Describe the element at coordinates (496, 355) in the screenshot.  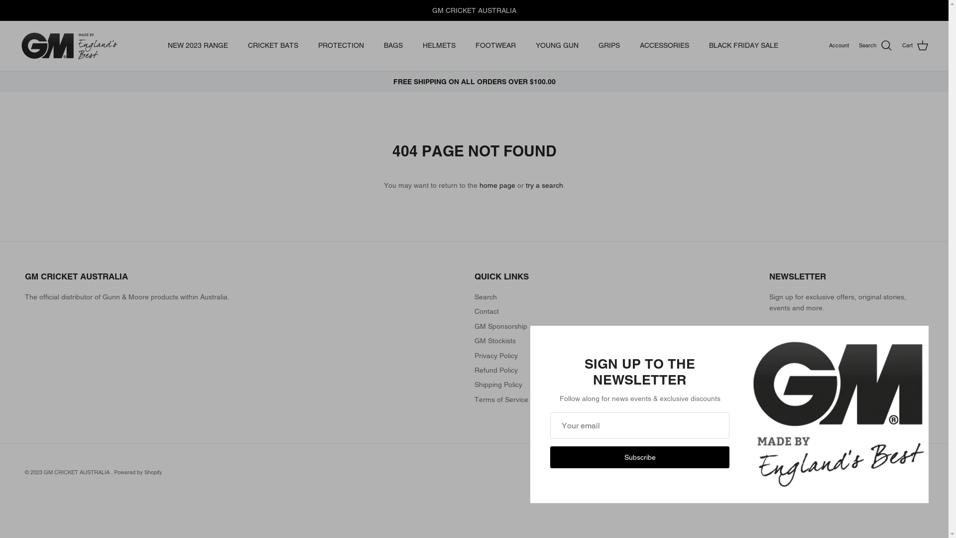
I see `'Privacy Policy'` at that location.